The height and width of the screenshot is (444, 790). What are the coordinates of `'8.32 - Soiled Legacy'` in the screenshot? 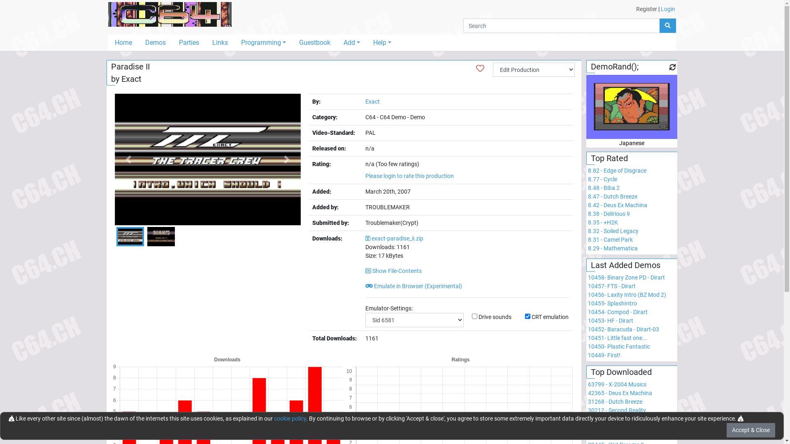 It's located at (613, 231).